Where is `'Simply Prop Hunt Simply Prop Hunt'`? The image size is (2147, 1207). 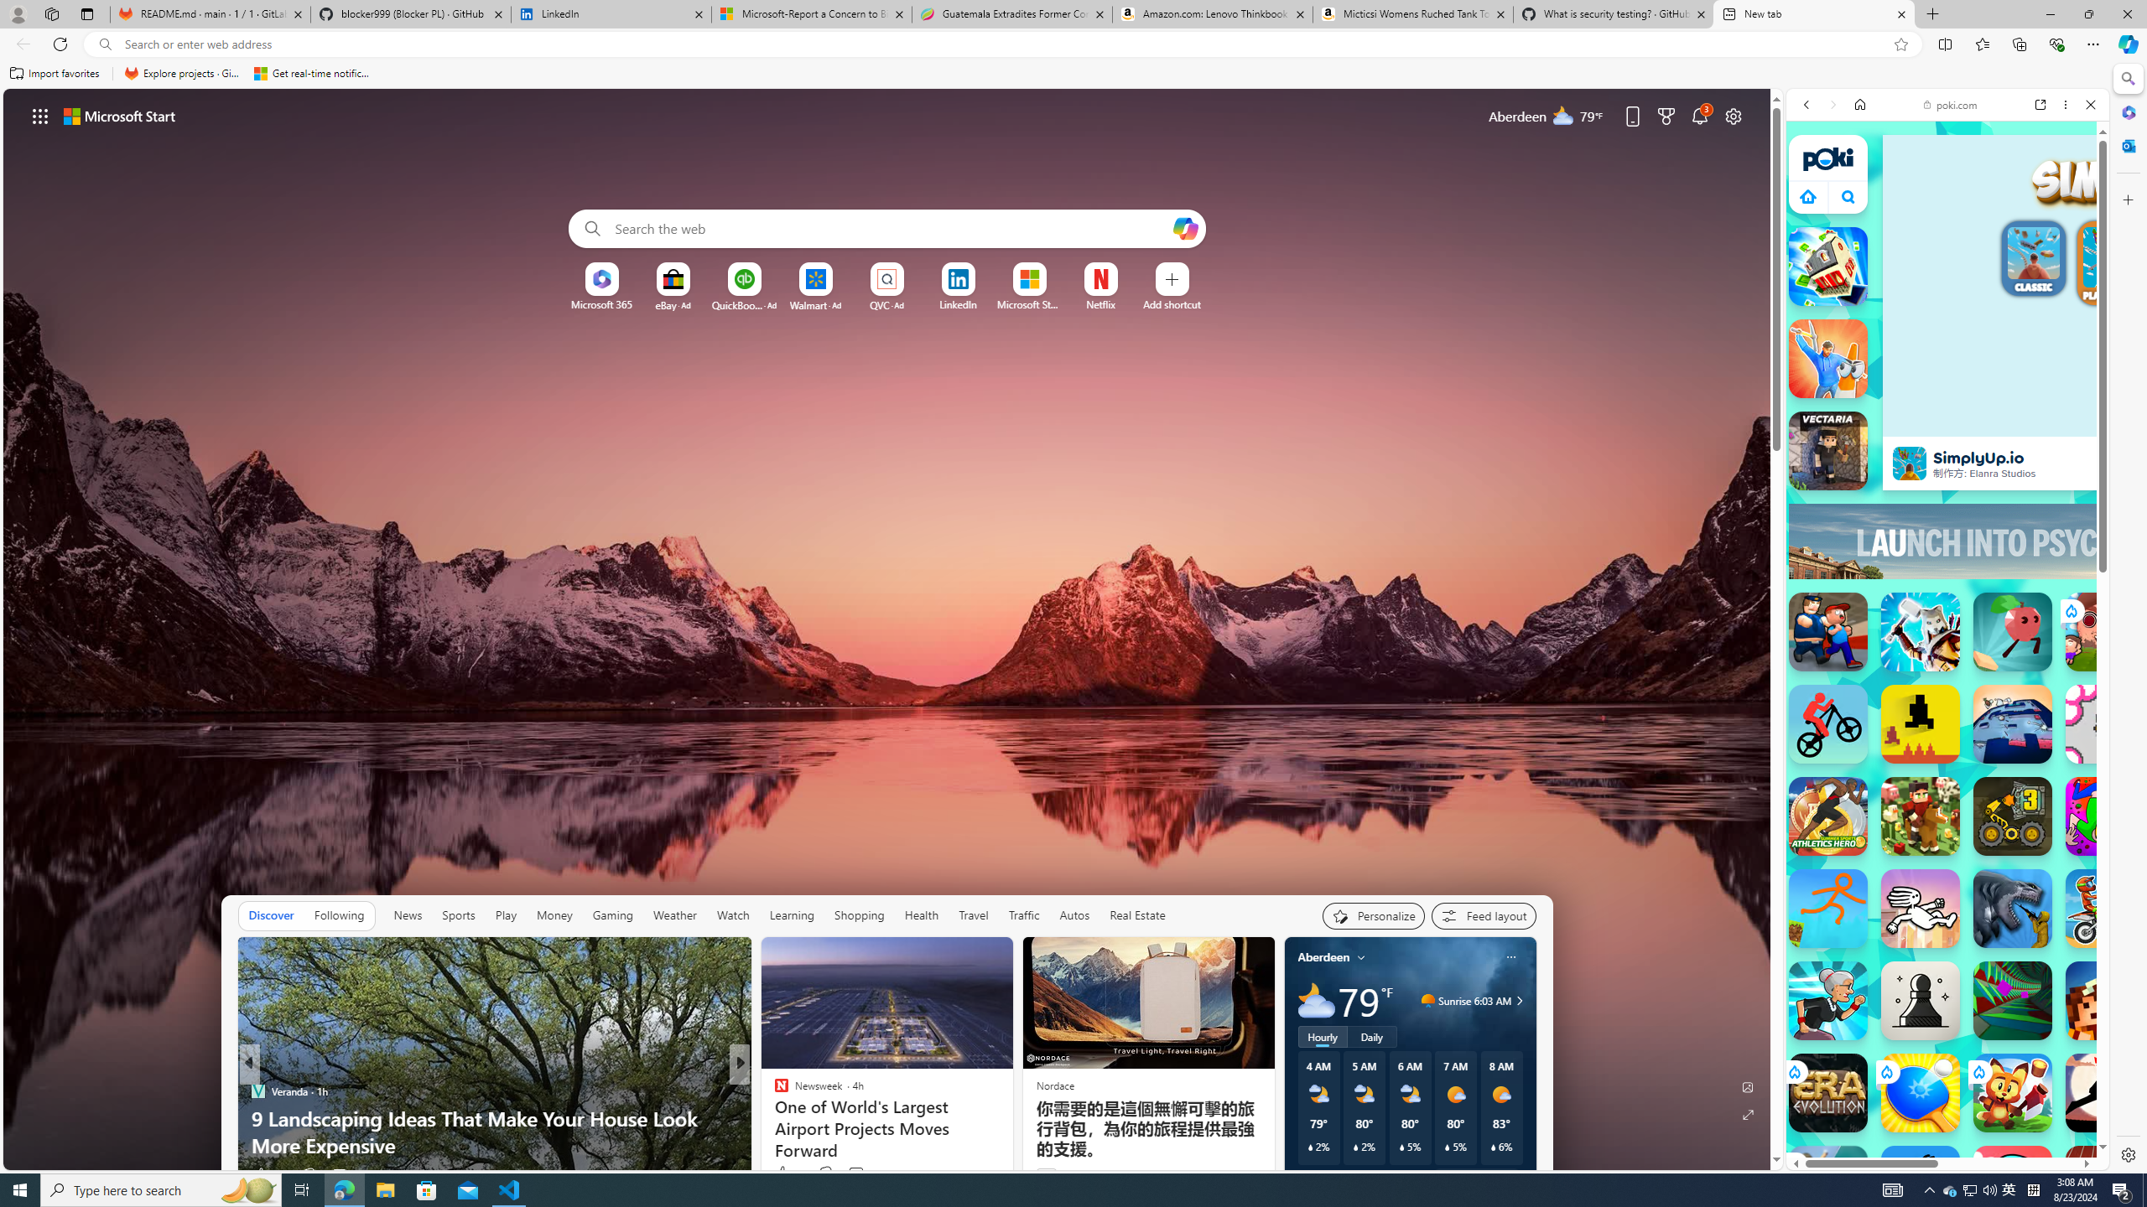 'Simply Prop Hunt Simply Prop Hunt' is located at coordinates (1827, 359).